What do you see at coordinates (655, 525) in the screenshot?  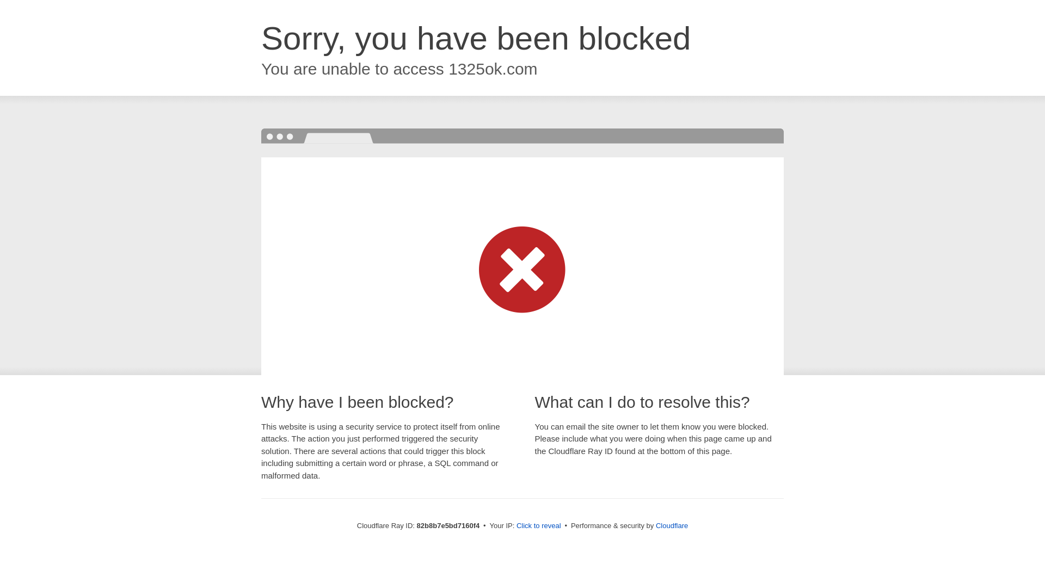 I see `'Cloudflare'` at bounding box center [655, 525].